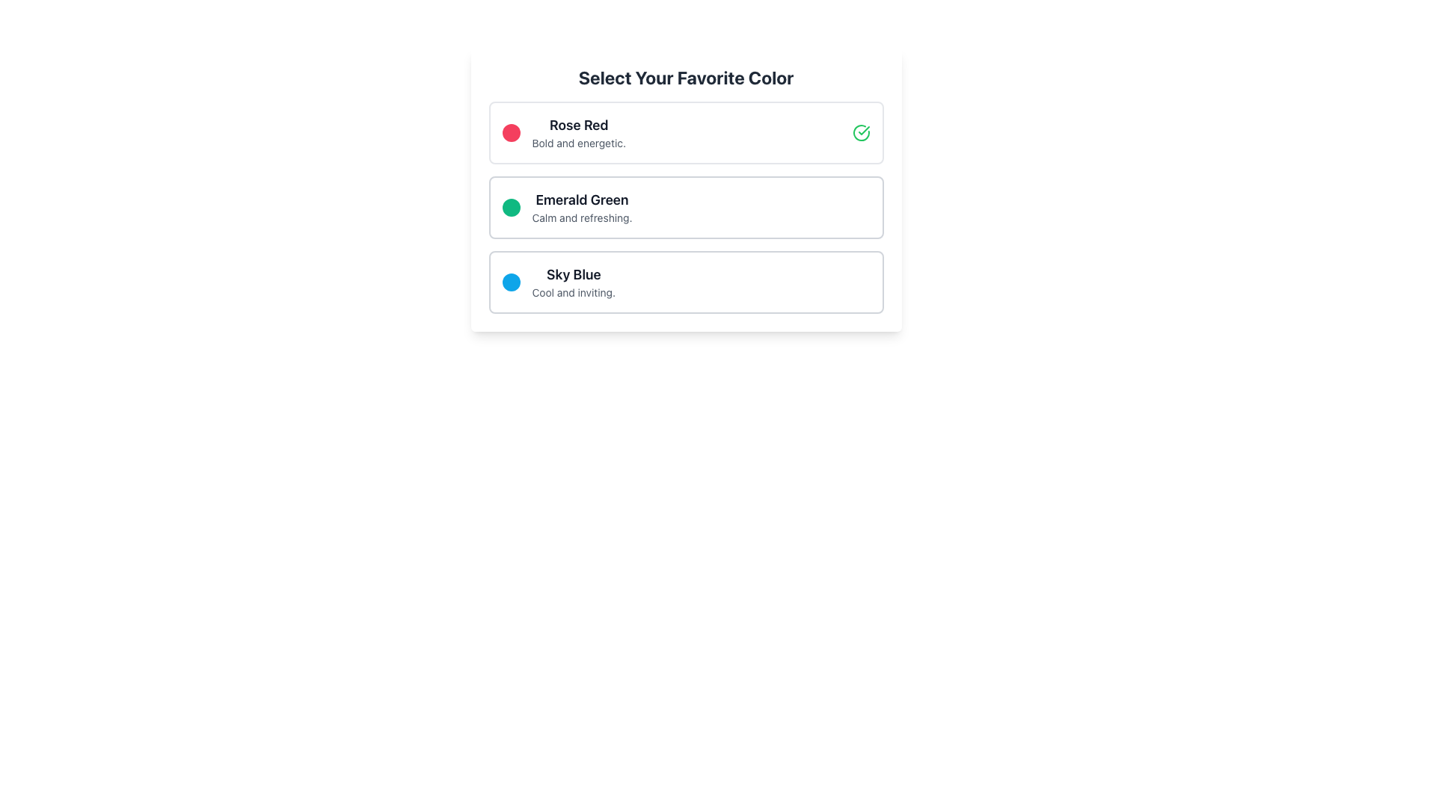  I want to click on the descriptive text element providing context for the 'Emerald Green' color option, located directly below the bolded title and aligned to the left, so click(581, 218).